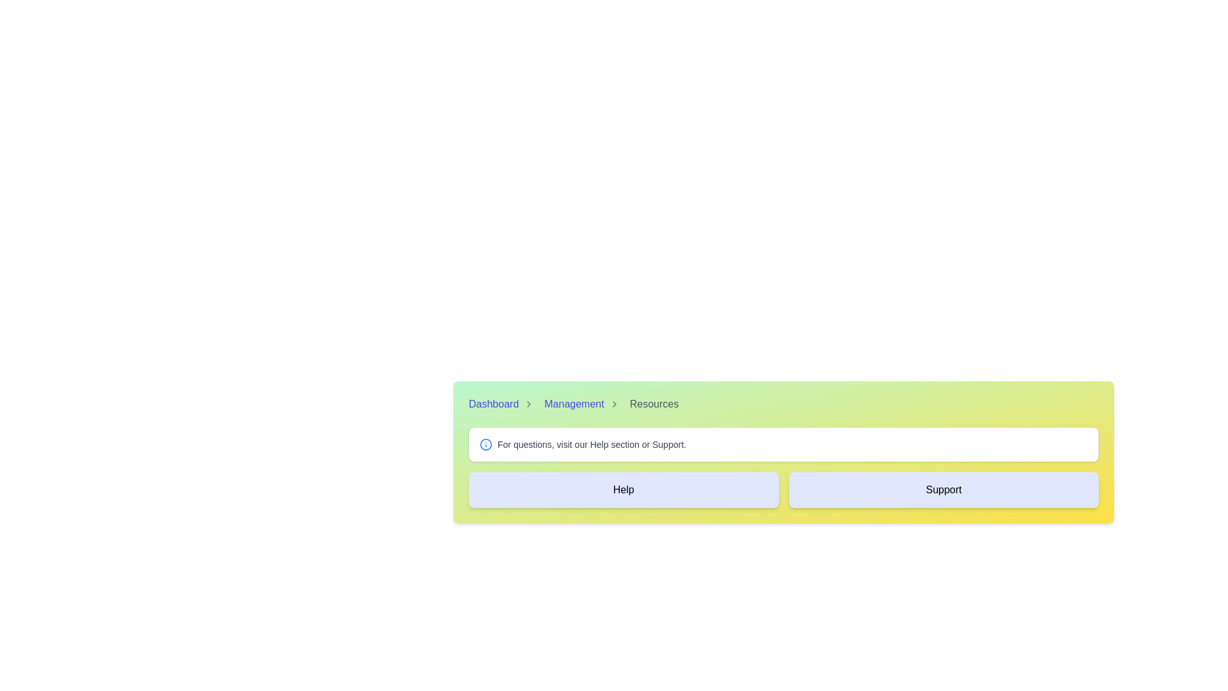 This screenshot has height=691, width=1228. Describe the element at coordinates (485, 443) in the screenshot. I see `the small circular blue outlined icon with an 'i' inside it, located to the left of the text 'For questions, visit our Help section or Support.'` at that location.